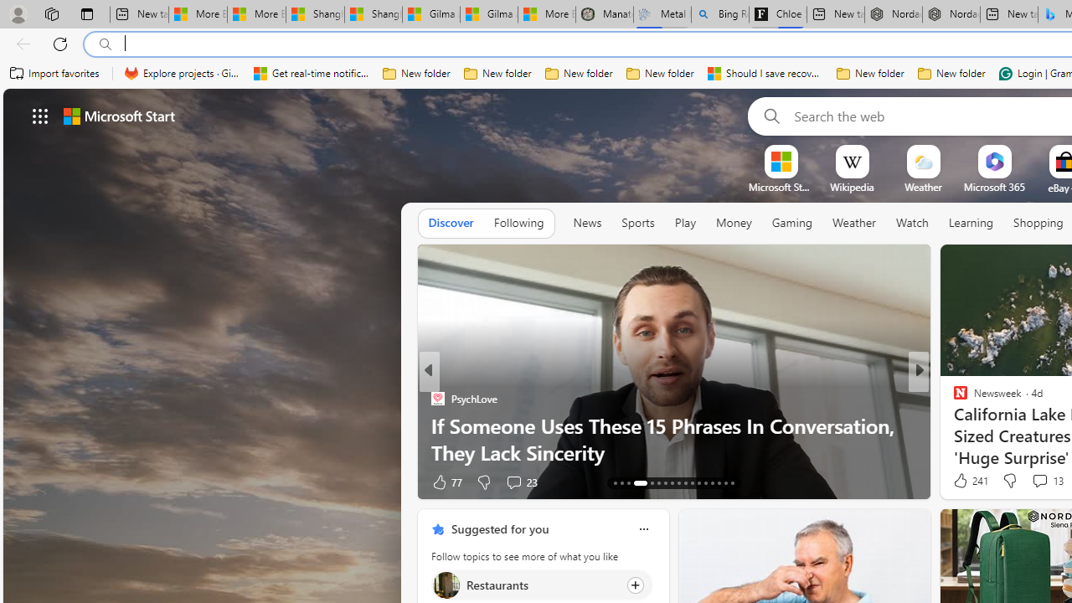 This screenshot has height=603, width=1072. I want to click on 'AutomationID: tab-22', so click(685, 483).